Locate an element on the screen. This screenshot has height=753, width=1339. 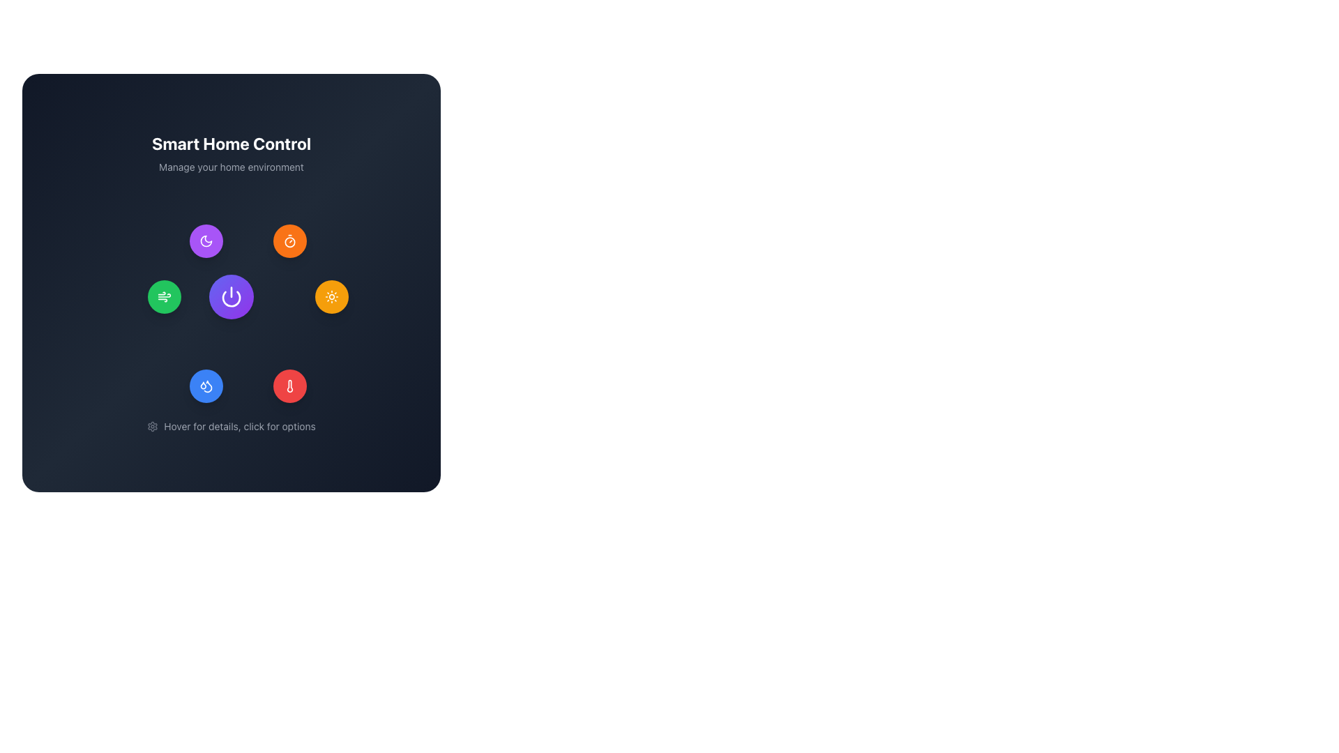
the central power control button located below the 'Smart Home Control' text is located at coordinates (231, 296).